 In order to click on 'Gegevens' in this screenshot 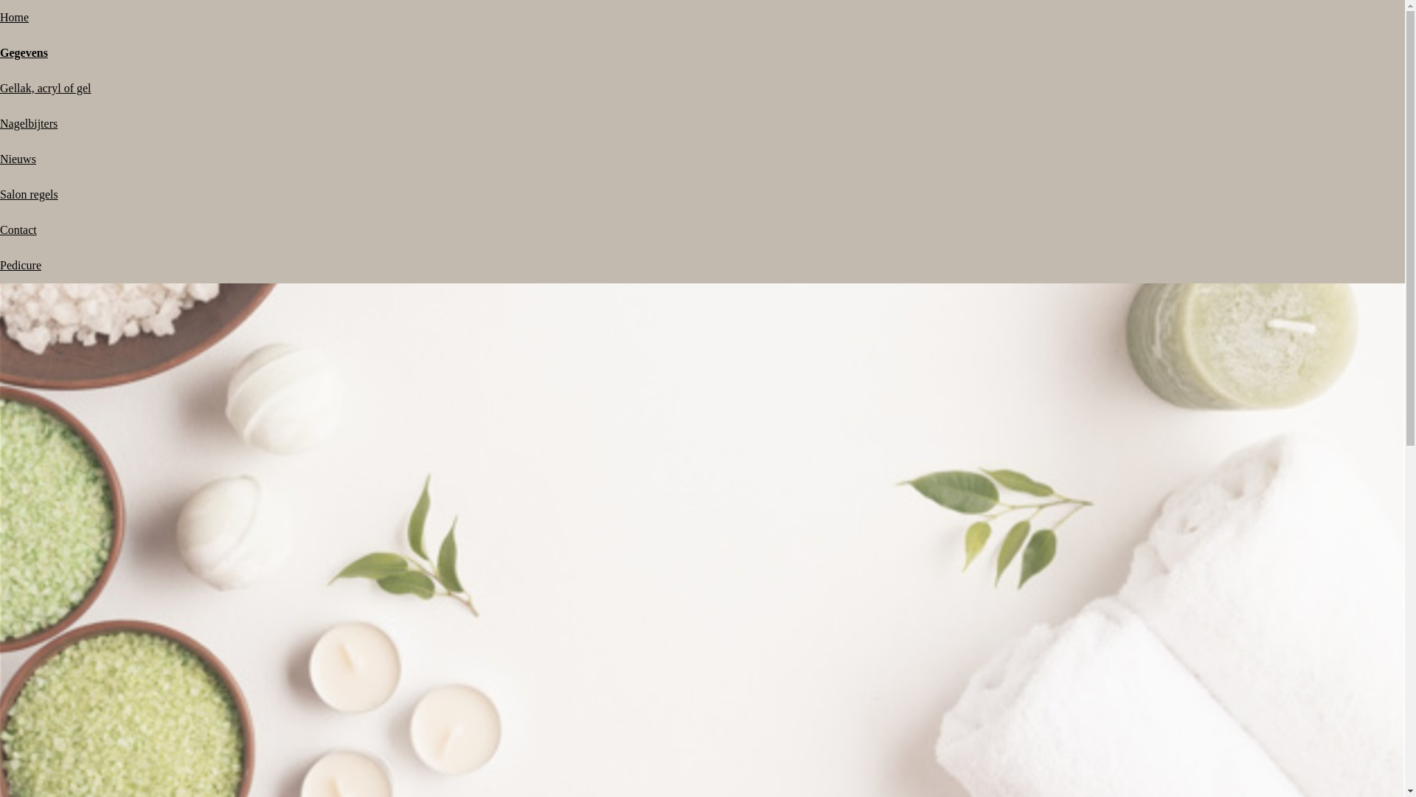, I will do `click(0, 52)`.